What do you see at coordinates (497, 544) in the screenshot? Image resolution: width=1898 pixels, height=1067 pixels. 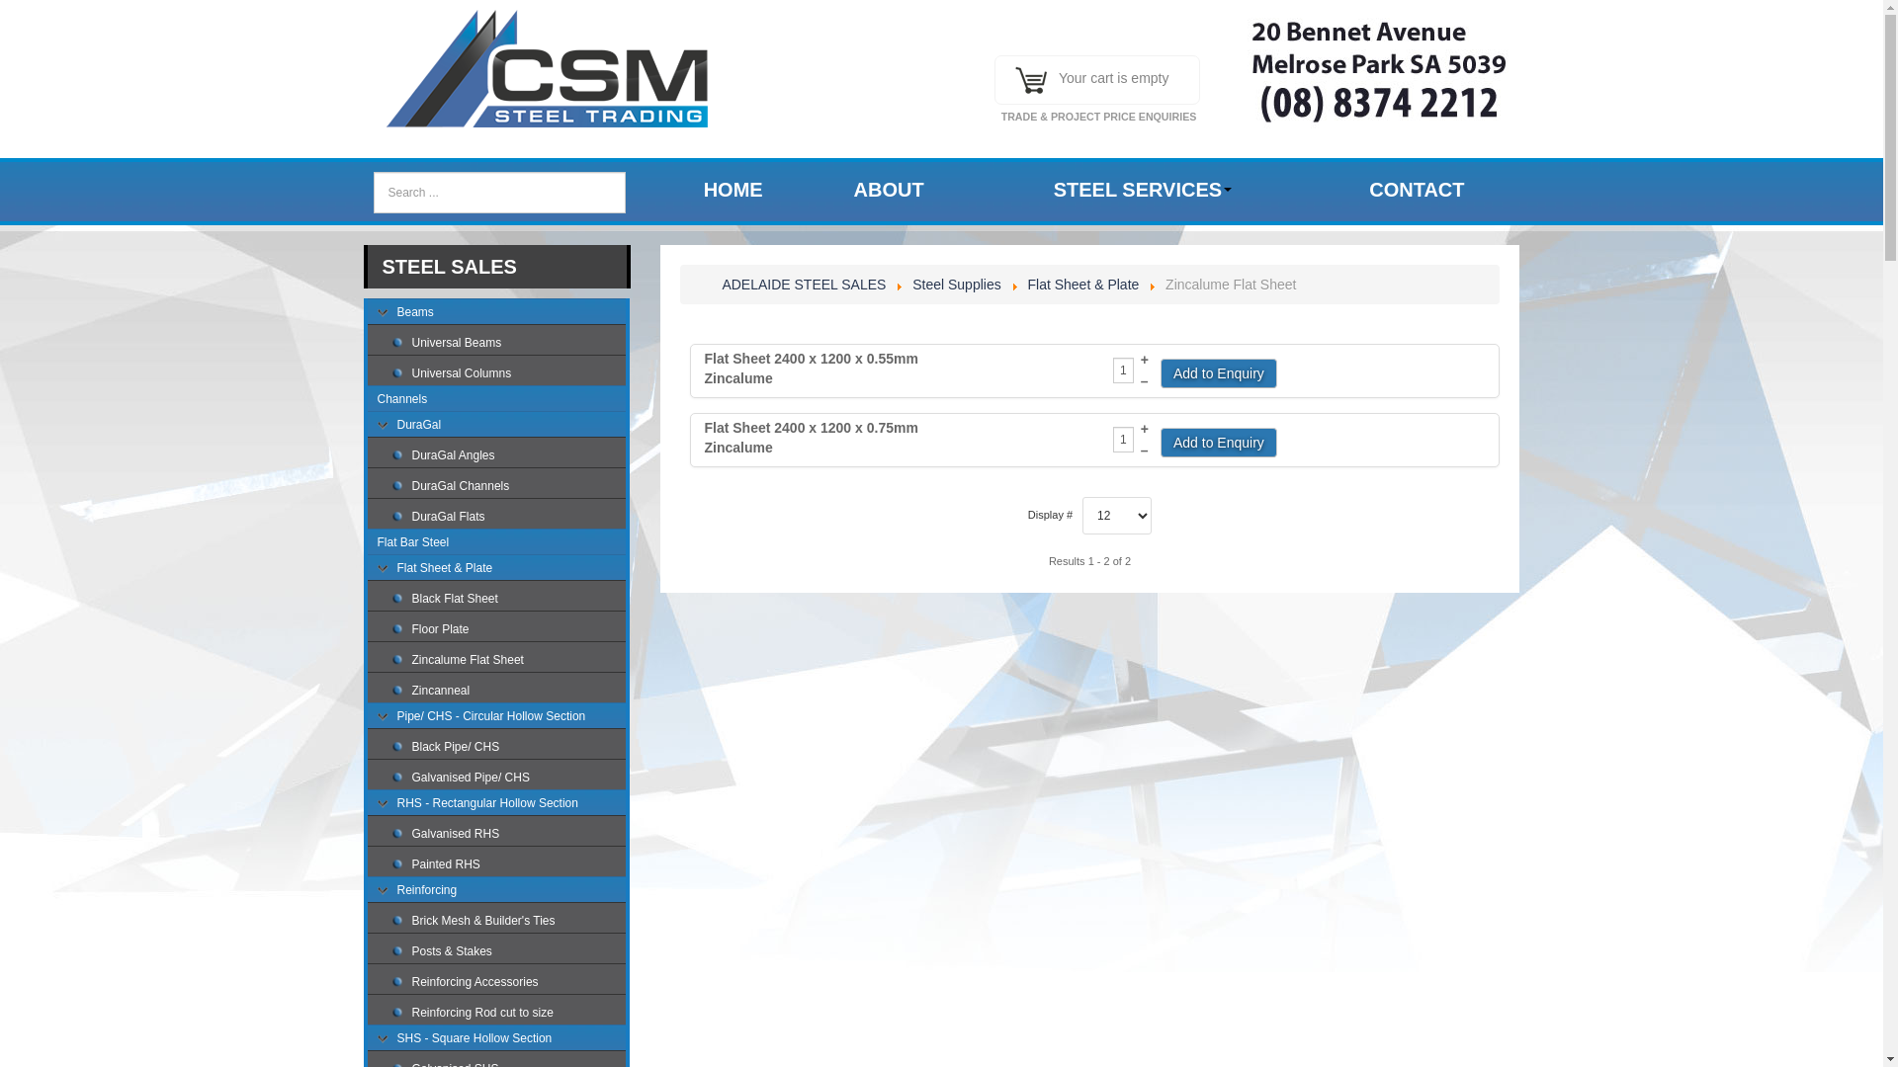 I see `'Flat Bar Steel'` at bounding box center [497, 544].